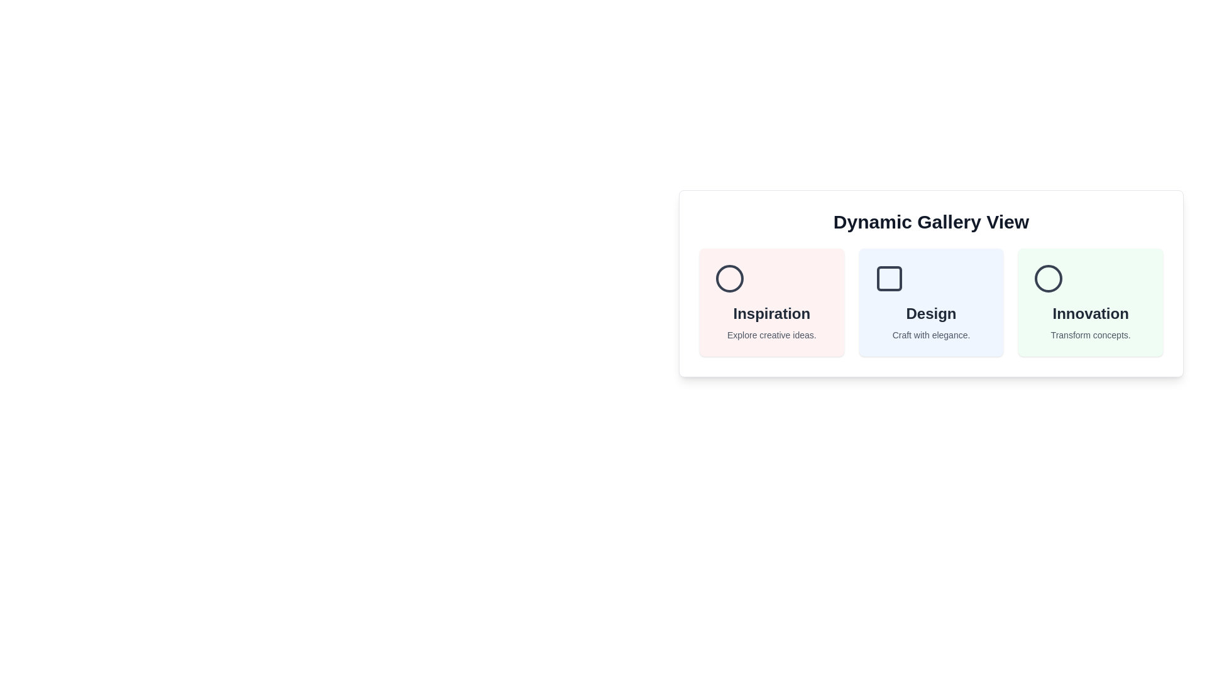 Image resolution: width=1207 pixels, height=678 pixels. I want to click on the Informative card representing the 'Design' concept, which is the second card in a series of three, located between 'Inspiration' and 'Innovation', so click(931, 303).